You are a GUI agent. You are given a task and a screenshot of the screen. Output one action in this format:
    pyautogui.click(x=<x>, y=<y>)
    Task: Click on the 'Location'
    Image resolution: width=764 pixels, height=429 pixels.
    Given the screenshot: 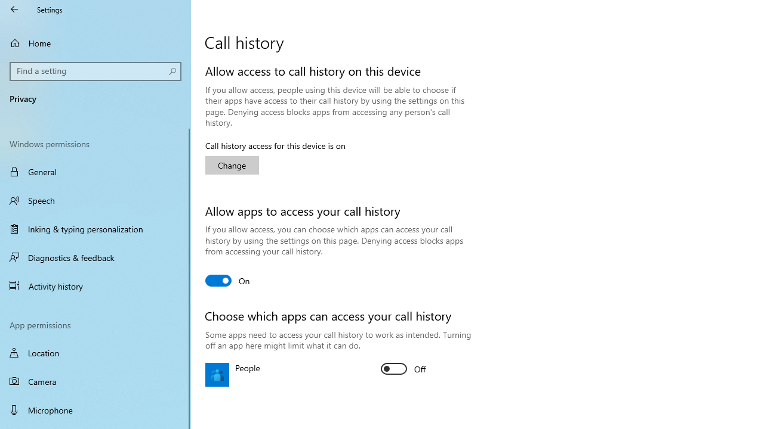 What is the action you would take?
    pyautogui.click(x=95, y=352)
    